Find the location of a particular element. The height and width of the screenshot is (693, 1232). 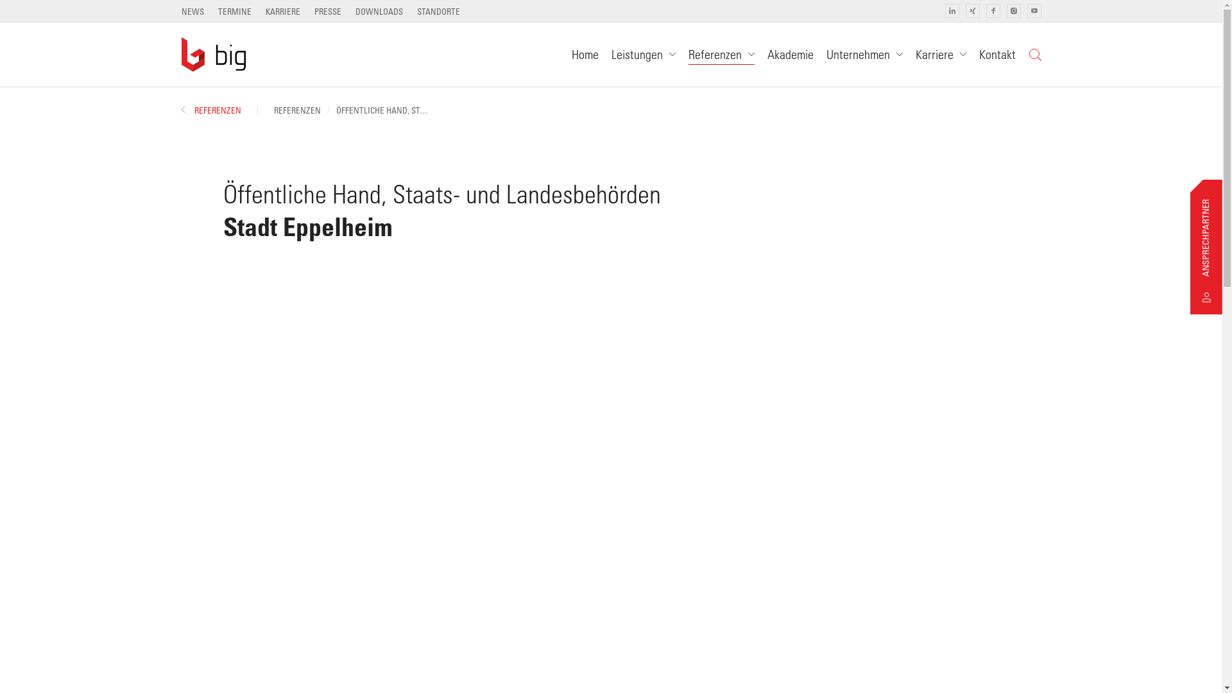

'Instagram' is located at coordinates (1013, 10).